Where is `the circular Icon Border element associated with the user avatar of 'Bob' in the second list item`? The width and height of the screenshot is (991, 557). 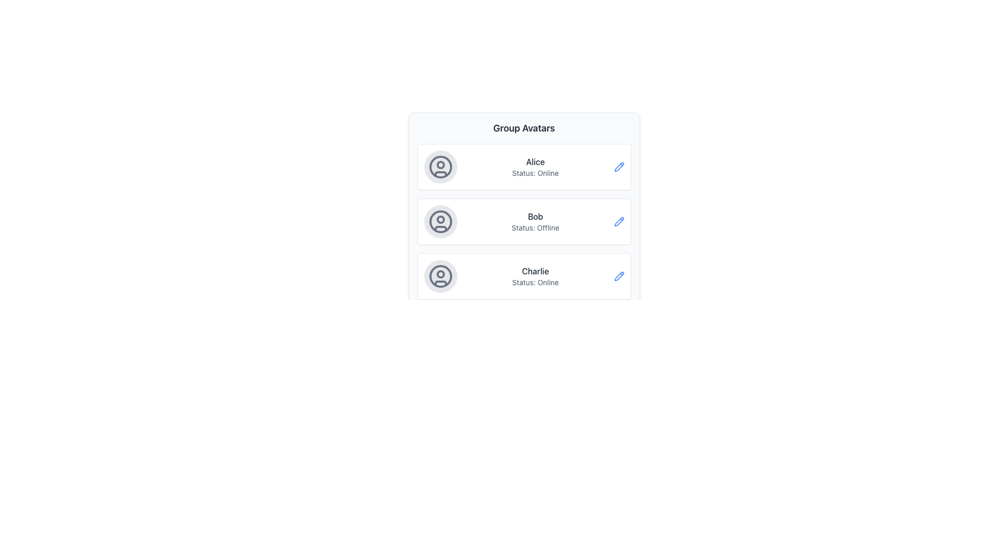
the circular Icon Border element associated with the user avatar of 'Bob' in the second list item is located at coordinates (440, 221).